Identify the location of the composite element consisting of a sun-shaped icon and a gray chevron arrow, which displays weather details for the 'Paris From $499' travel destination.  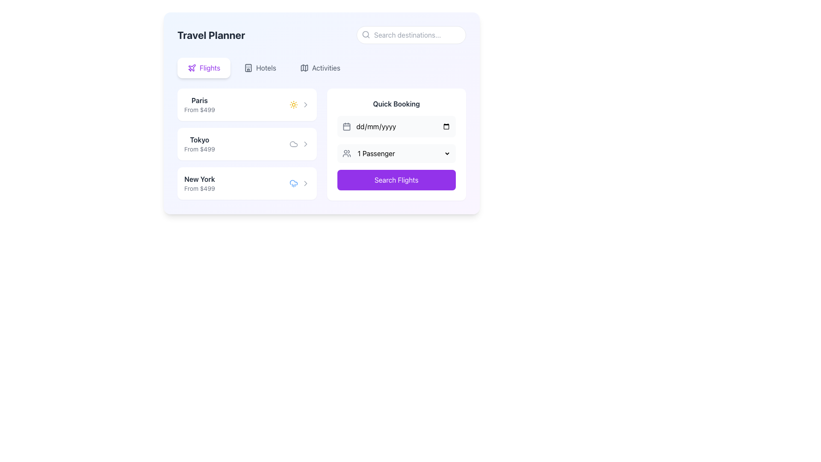
(299, 104).